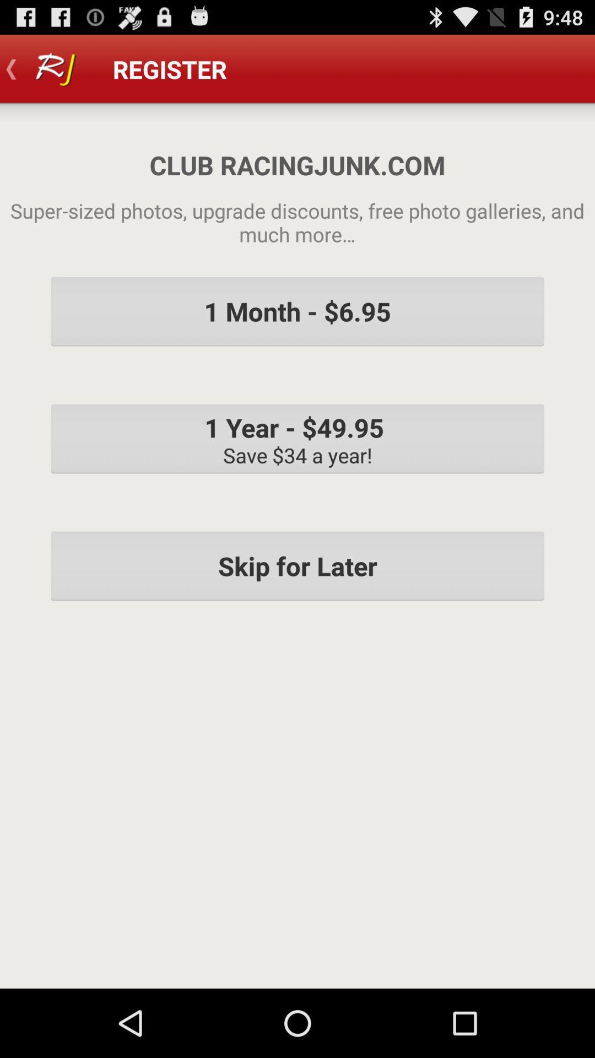 The width and height of the screenshot is (595, 1058). What do you see at coordinates (297, 566) in the screenshot?
I see `skip for later item` at bounding box center [297, 566].